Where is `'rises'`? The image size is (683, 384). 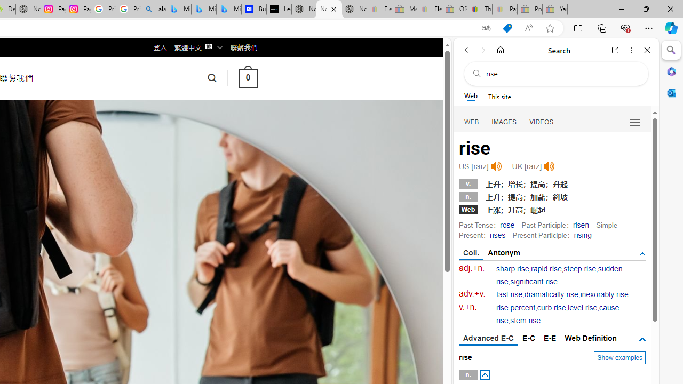
'rises' is located at coordinates (497, 235).